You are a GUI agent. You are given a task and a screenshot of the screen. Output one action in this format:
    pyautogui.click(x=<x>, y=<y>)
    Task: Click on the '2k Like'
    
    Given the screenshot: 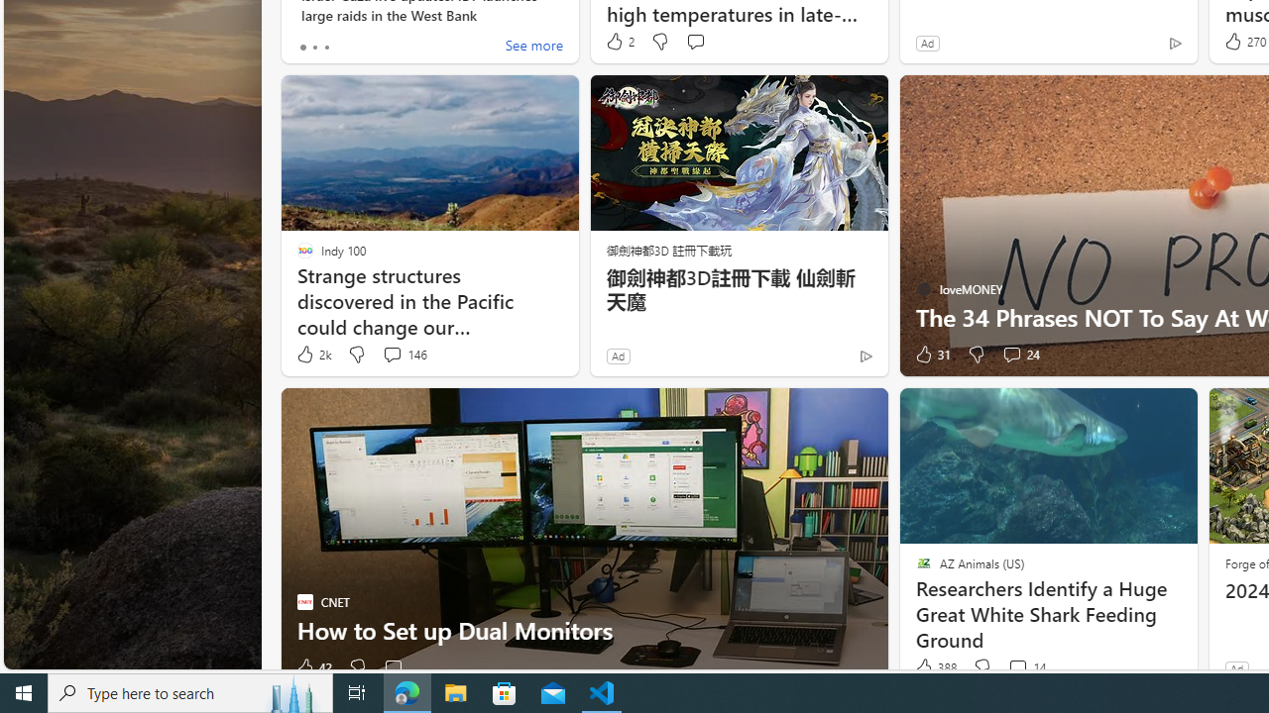 What is the action you would take?
    pyautogui.click(x=311, y=354)
    